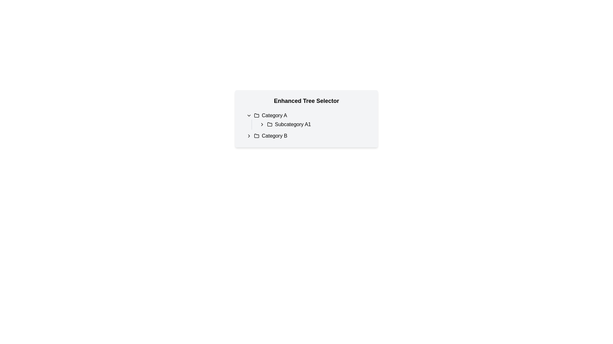 The width and height of the screenshot is (613, 344). What do you see at coordinates (257, 115) in the screenshot?
I see `the folder icon resembling a folder with rounded corners and arcs at the top, located under 'Category A' before 'Subcategory A1'` at bounding box center [257, 115].